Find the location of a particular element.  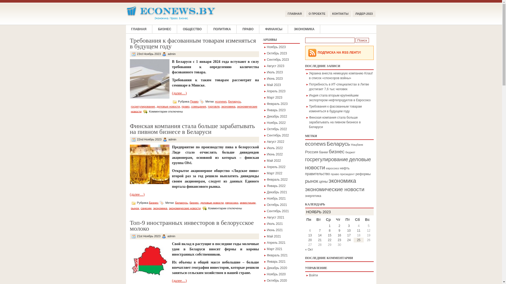

'15' is located at coordinates (329, 235).